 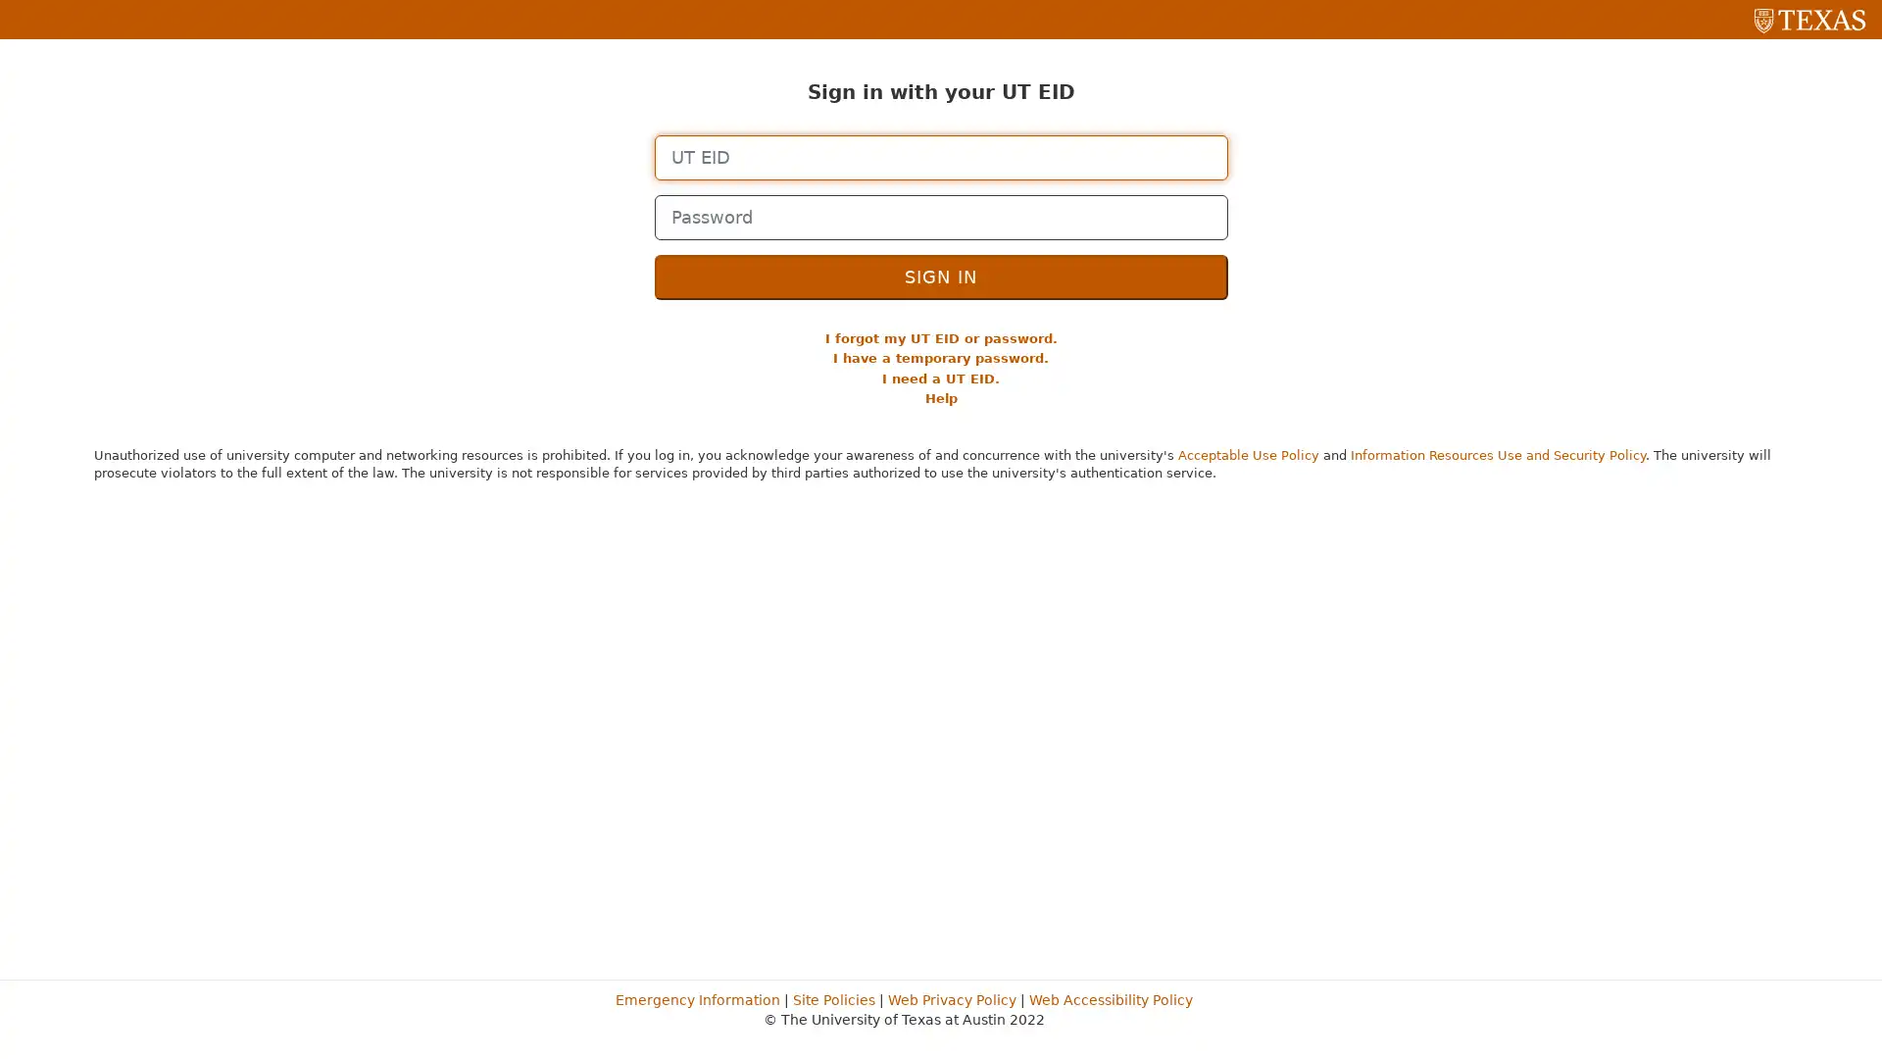 What do you see at coordinates (939, 276) in the screenshot?
I see `Sign in` at bounding box center [939, 276].